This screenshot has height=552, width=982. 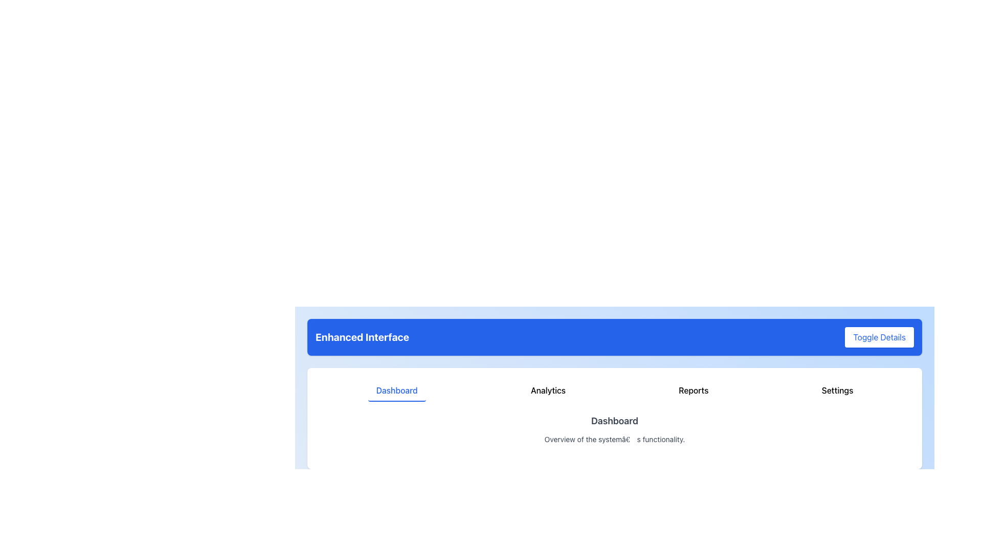 I want to click on the text block that contains the heading 'Dashboard' and the description 'Overview of the system’s functionality.' This element is prominently positioned beneath the navigation bar, serving as a visual anchor for the page, so click(x=614, y=429).